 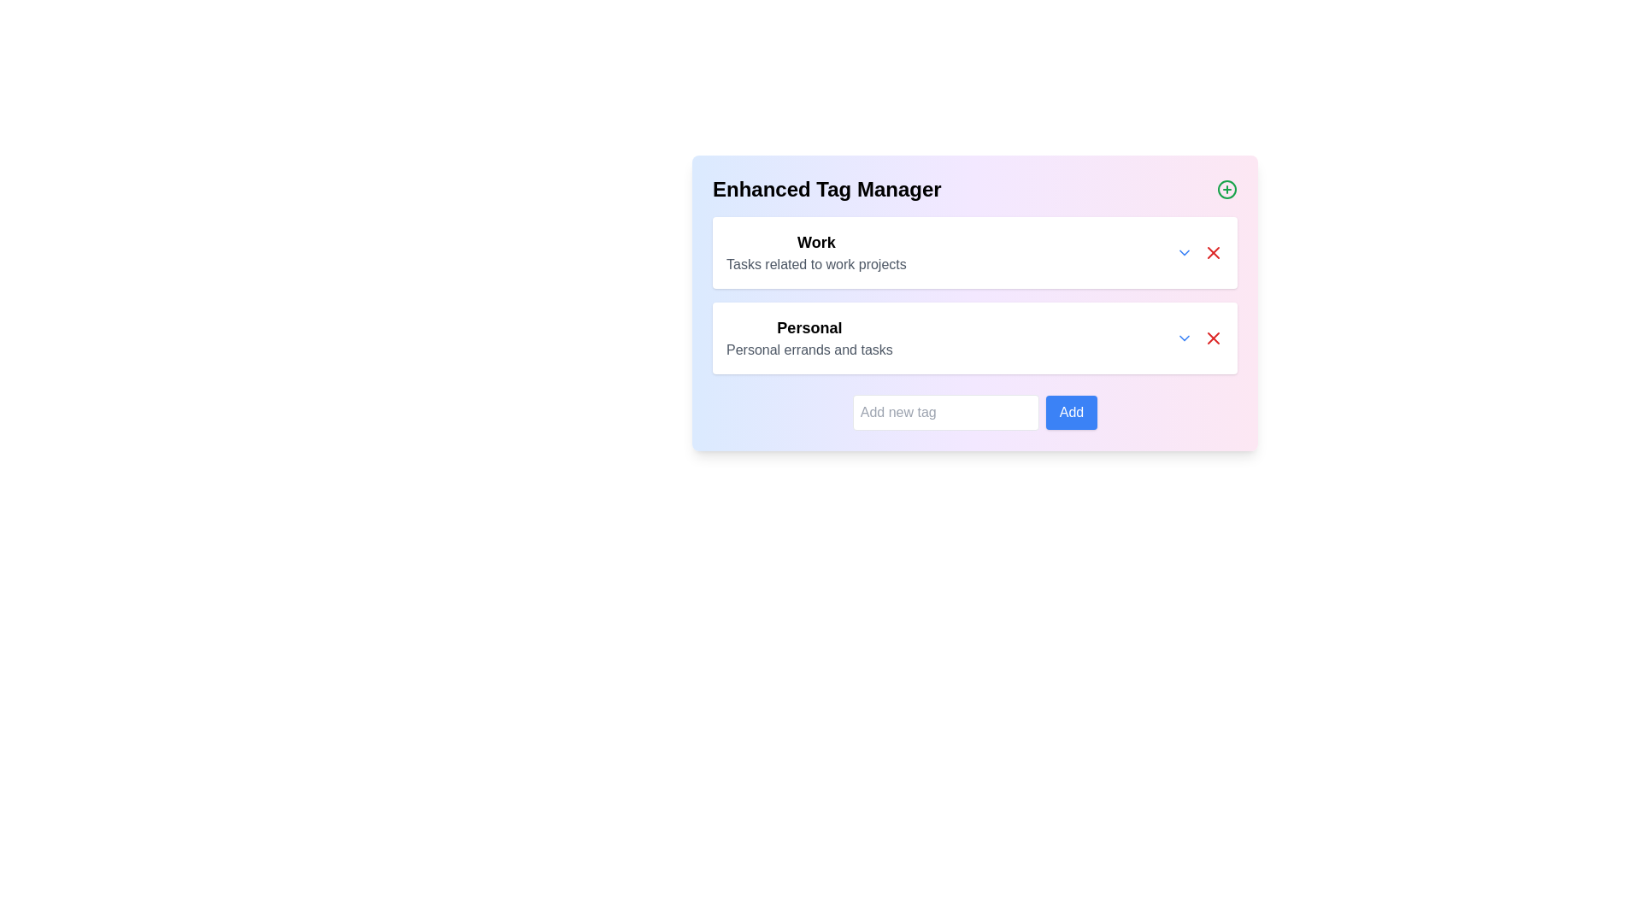 What do you see at coordinates (975, 302) in the screenshot?
I see `the input fields of the 'Enhanced Tag Manager' panel, which is a gradient blue to pink box with rounded corners and a shadow effect located in the center of the viewport` at bounding box center [975, 302].